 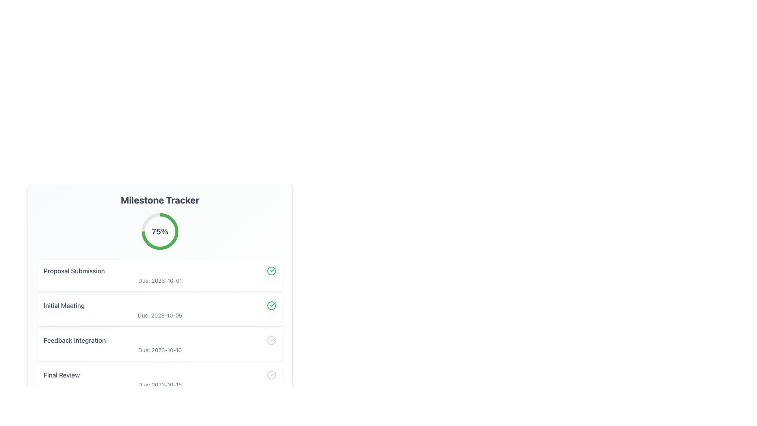 I want to click on the check mark icon indicating the completion of the 'Proposal Submission' milestone item, so click(x=273, y=339).